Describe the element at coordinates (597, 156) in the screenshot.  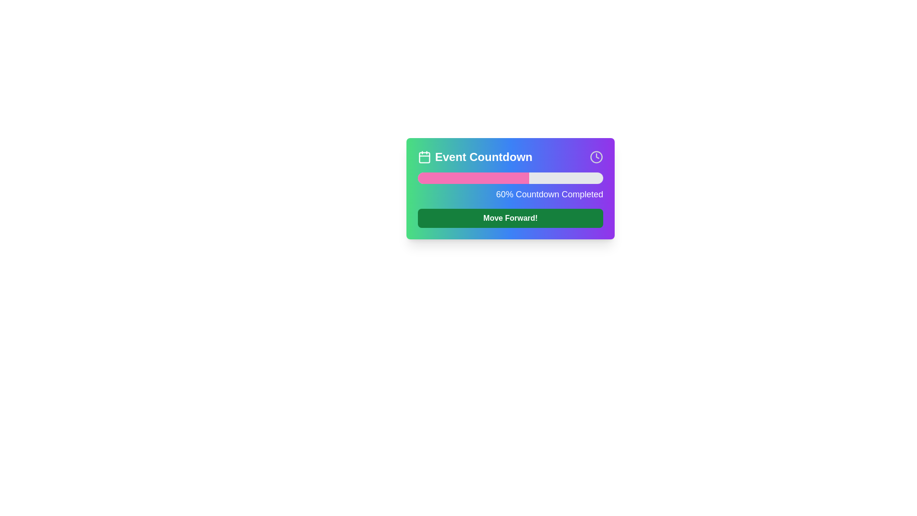
I see `the hour hand of the clock icon located in the top-right corner of the main card component` at that location.